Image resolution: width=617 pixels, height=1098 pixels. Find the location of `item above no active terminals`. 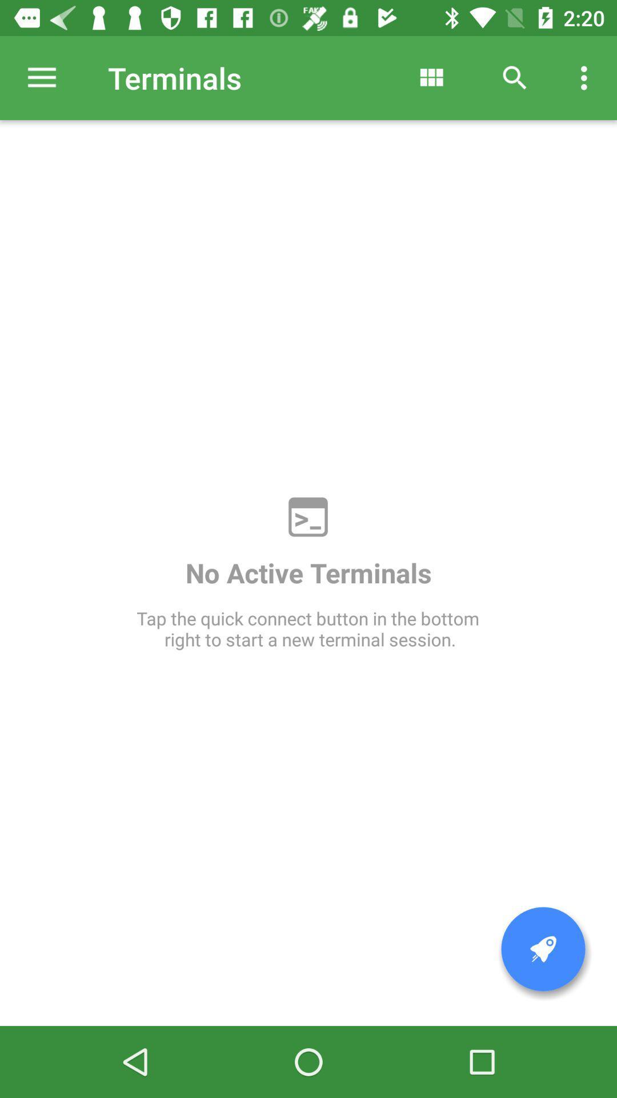

item above no active terminals is located at coordinates (431, 77).